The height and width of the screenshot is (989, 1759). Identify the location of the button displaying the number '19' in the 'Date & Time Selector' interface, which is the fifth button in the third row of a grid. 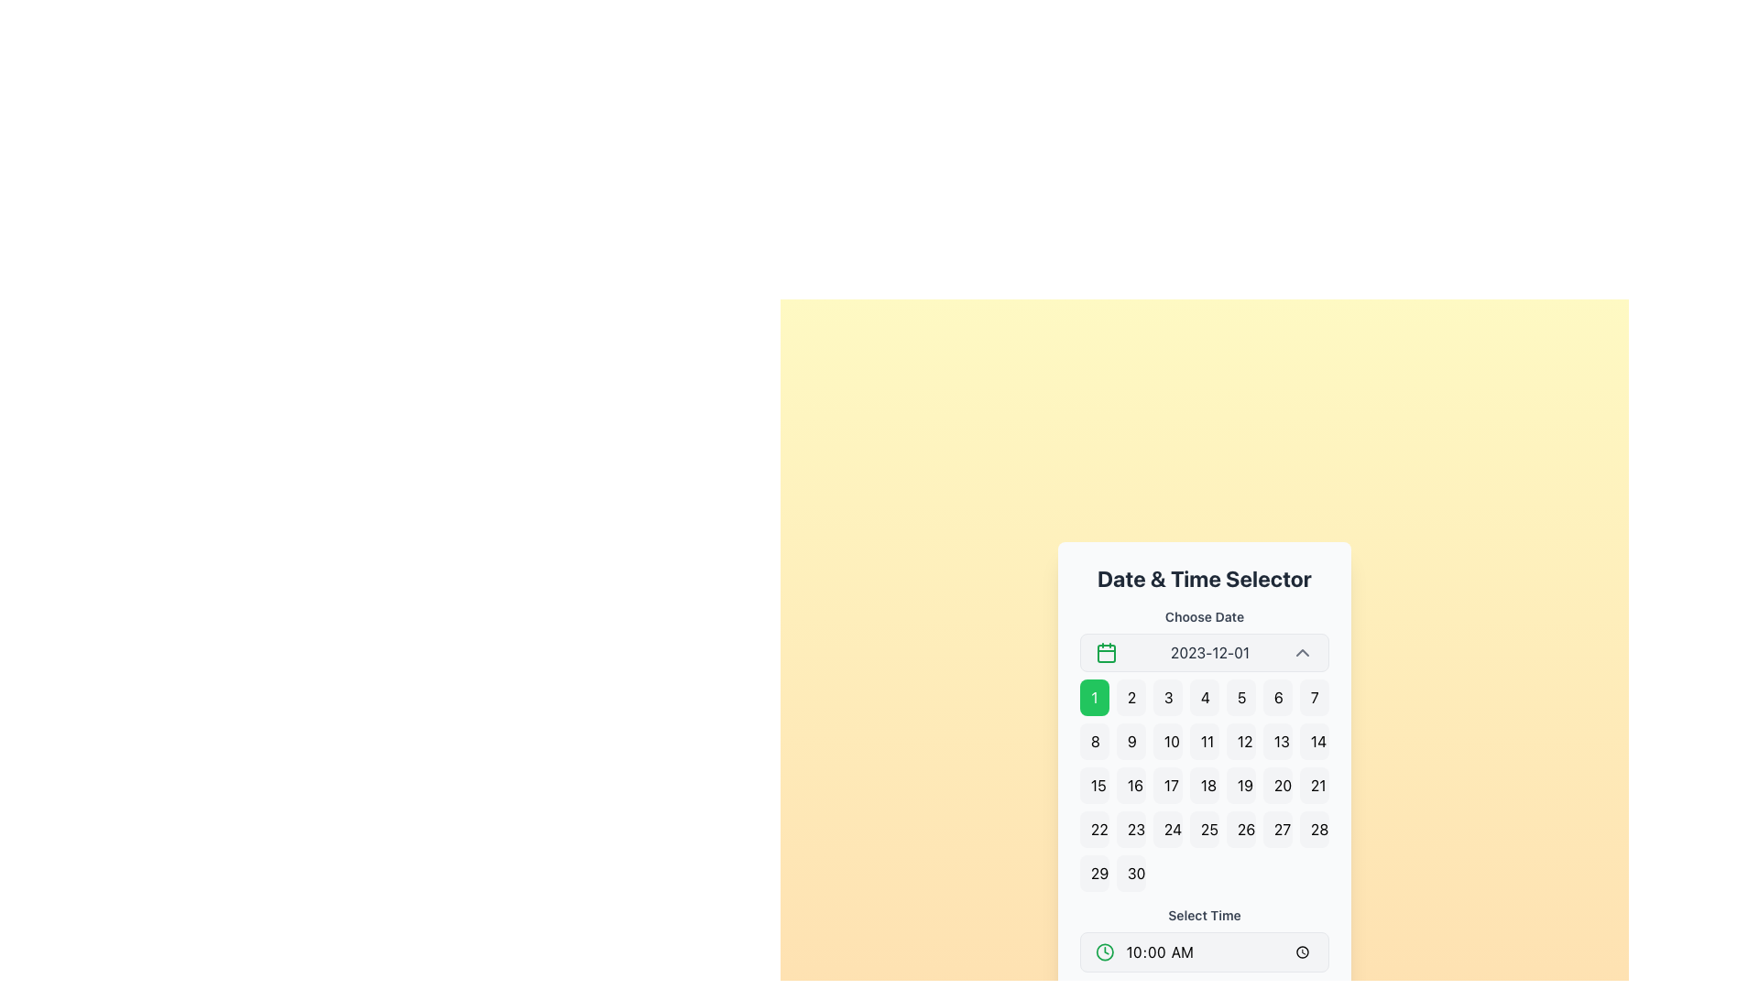
(1240, 784).